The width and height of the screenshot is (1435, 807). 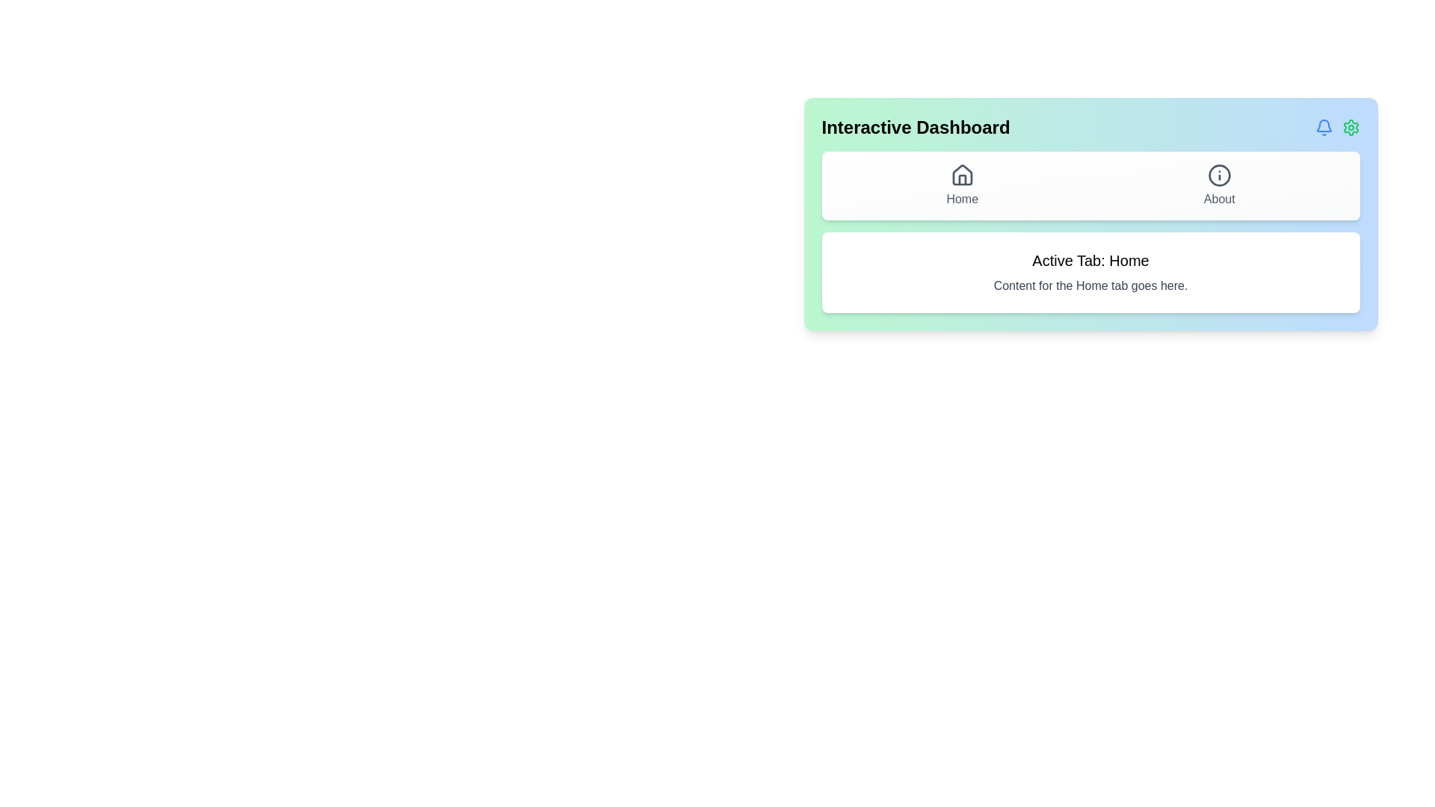 What do you see at coordinates (1219, 185) in the screenshot?
I see `the navigational button located in the top-right menu panel, which directs users to the About page` at bounding box center [1219, 185].